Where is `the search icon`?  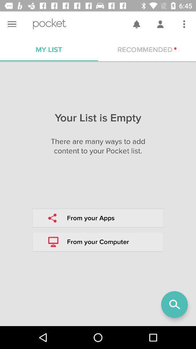
the search icon is located at coordinates (174, 304).